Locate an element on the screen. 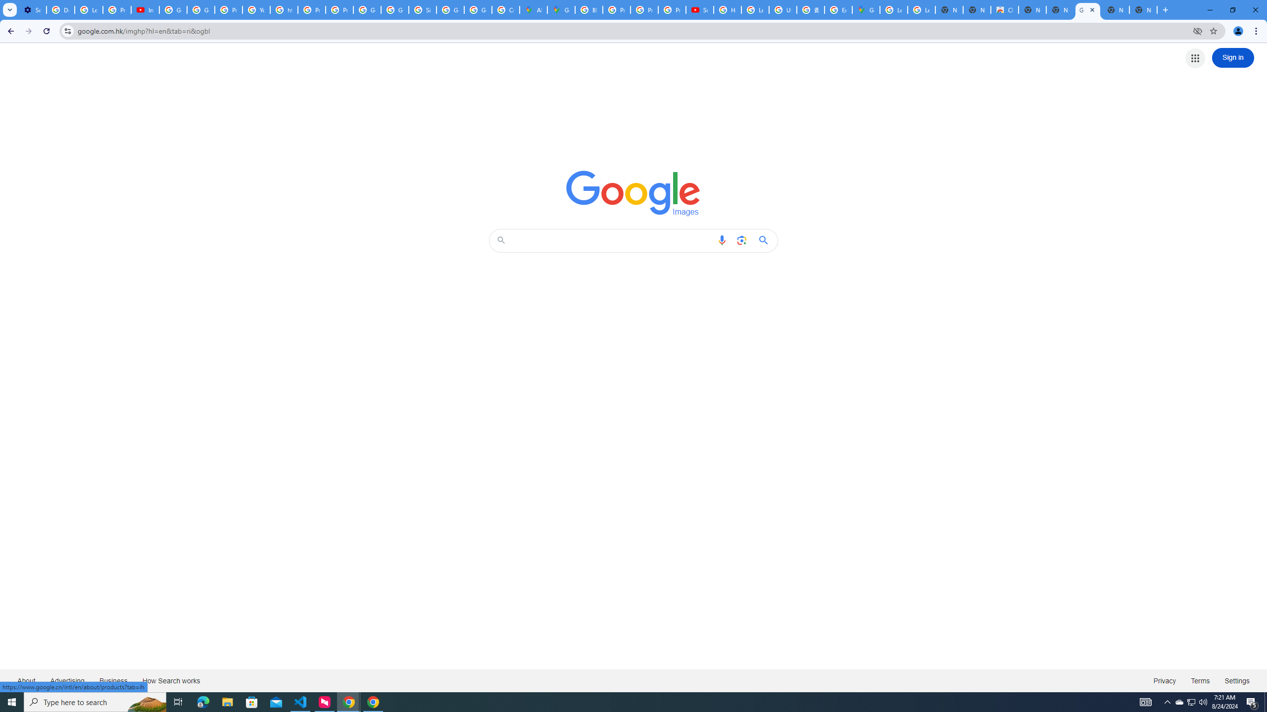 The width and height of the screenshot is (1267, 712). 'Subscriptions - YouTube' is located at coordinates (700, 9).